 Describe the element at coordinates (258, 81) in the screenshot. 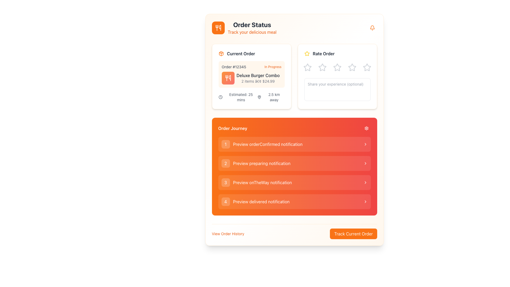

I see `the text label displaying item count and price '2 items • $24.99' located below 'Deluxe Burger Combo' in the 'Current Order' card` at that location.